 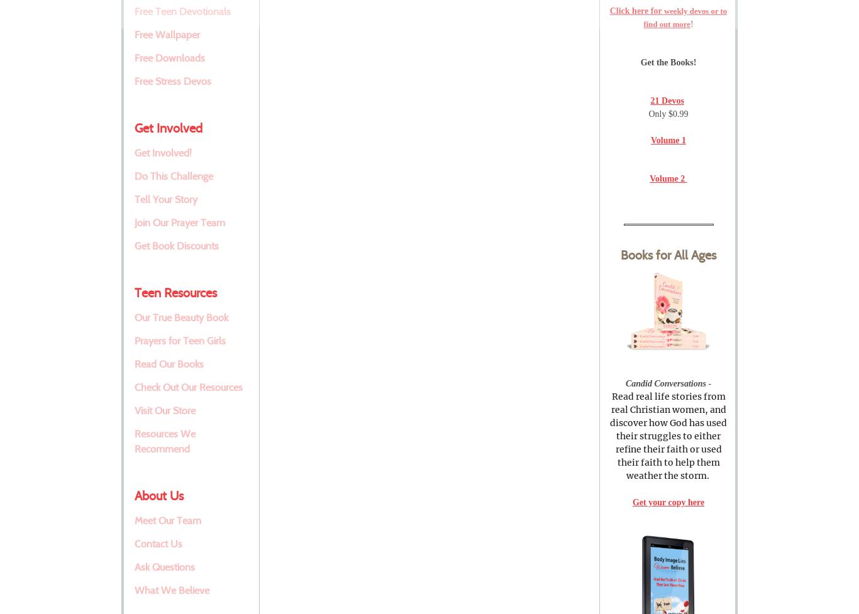 What do you see at coordinates (172, 81) in the screenshot?
I see `'Free Stress Devos'` at bounding box center [172, 81].